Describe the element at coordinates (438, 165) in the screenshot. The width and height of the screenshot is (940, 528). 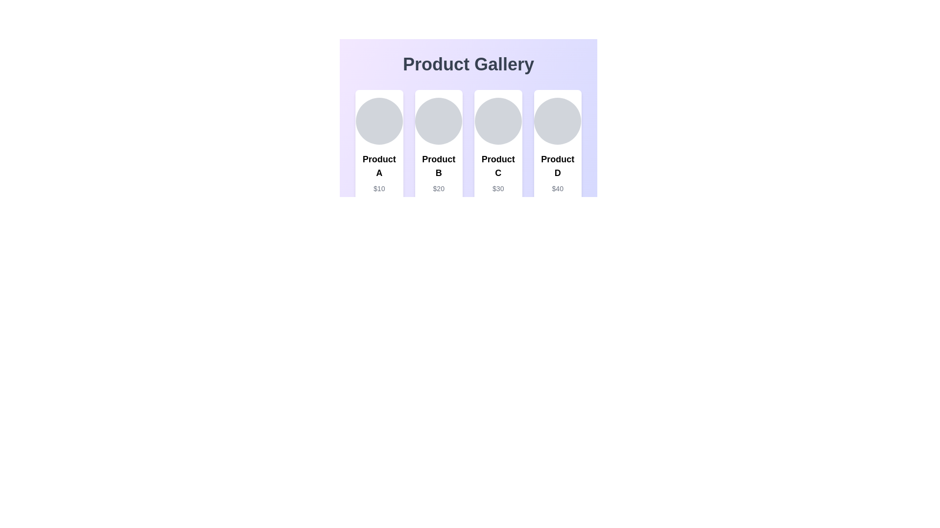
I see `the 'Product B' text label, which is displayed in bold, medium-large font within the second product card, located centrally beneath the circular image placeholder and above the price` at that location.